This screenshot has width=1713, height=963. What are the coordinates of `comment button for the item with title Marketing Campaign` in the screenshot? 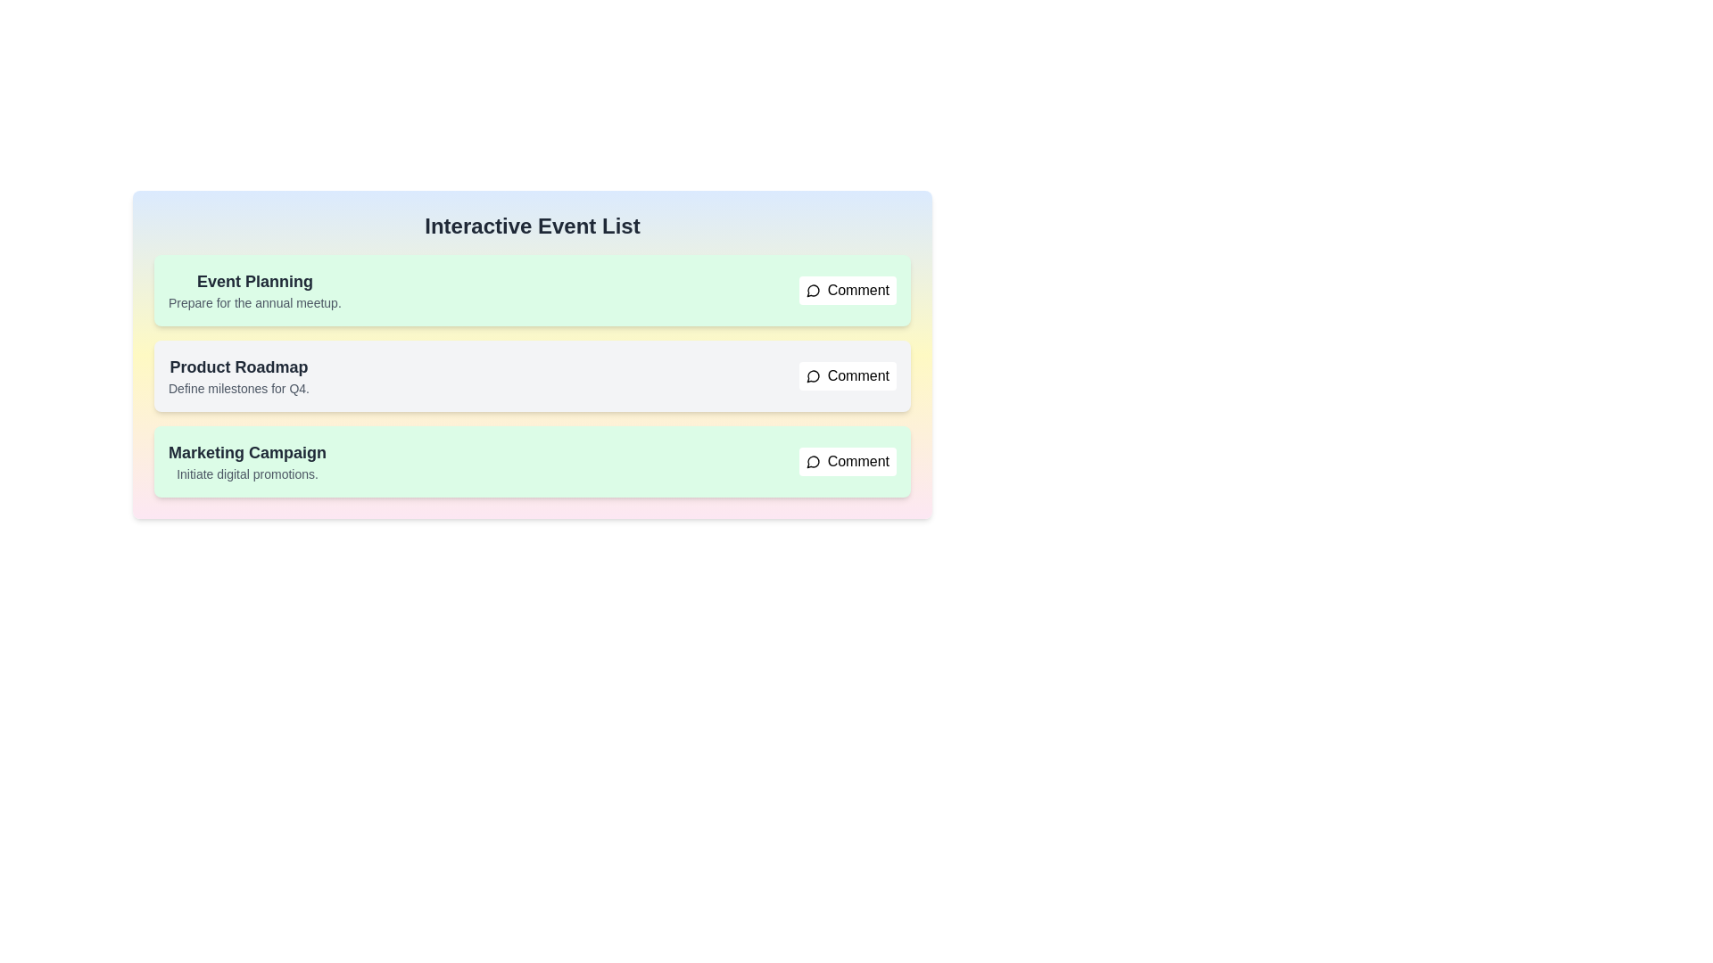 It's located at (847, 460).